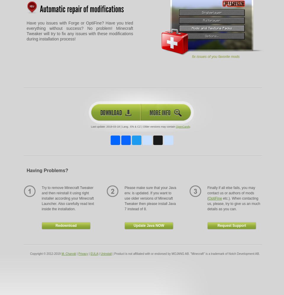  What do you see at coordinates (190, 126) in the screenshot?
I see `'.'` at bounding box center [190, 126].